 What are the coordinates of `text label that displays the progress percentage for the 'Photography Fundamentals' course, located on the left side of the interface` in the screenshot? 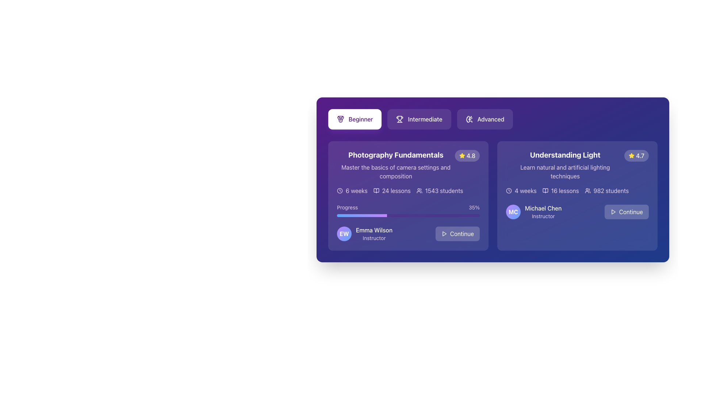 It's located at (474, 208).